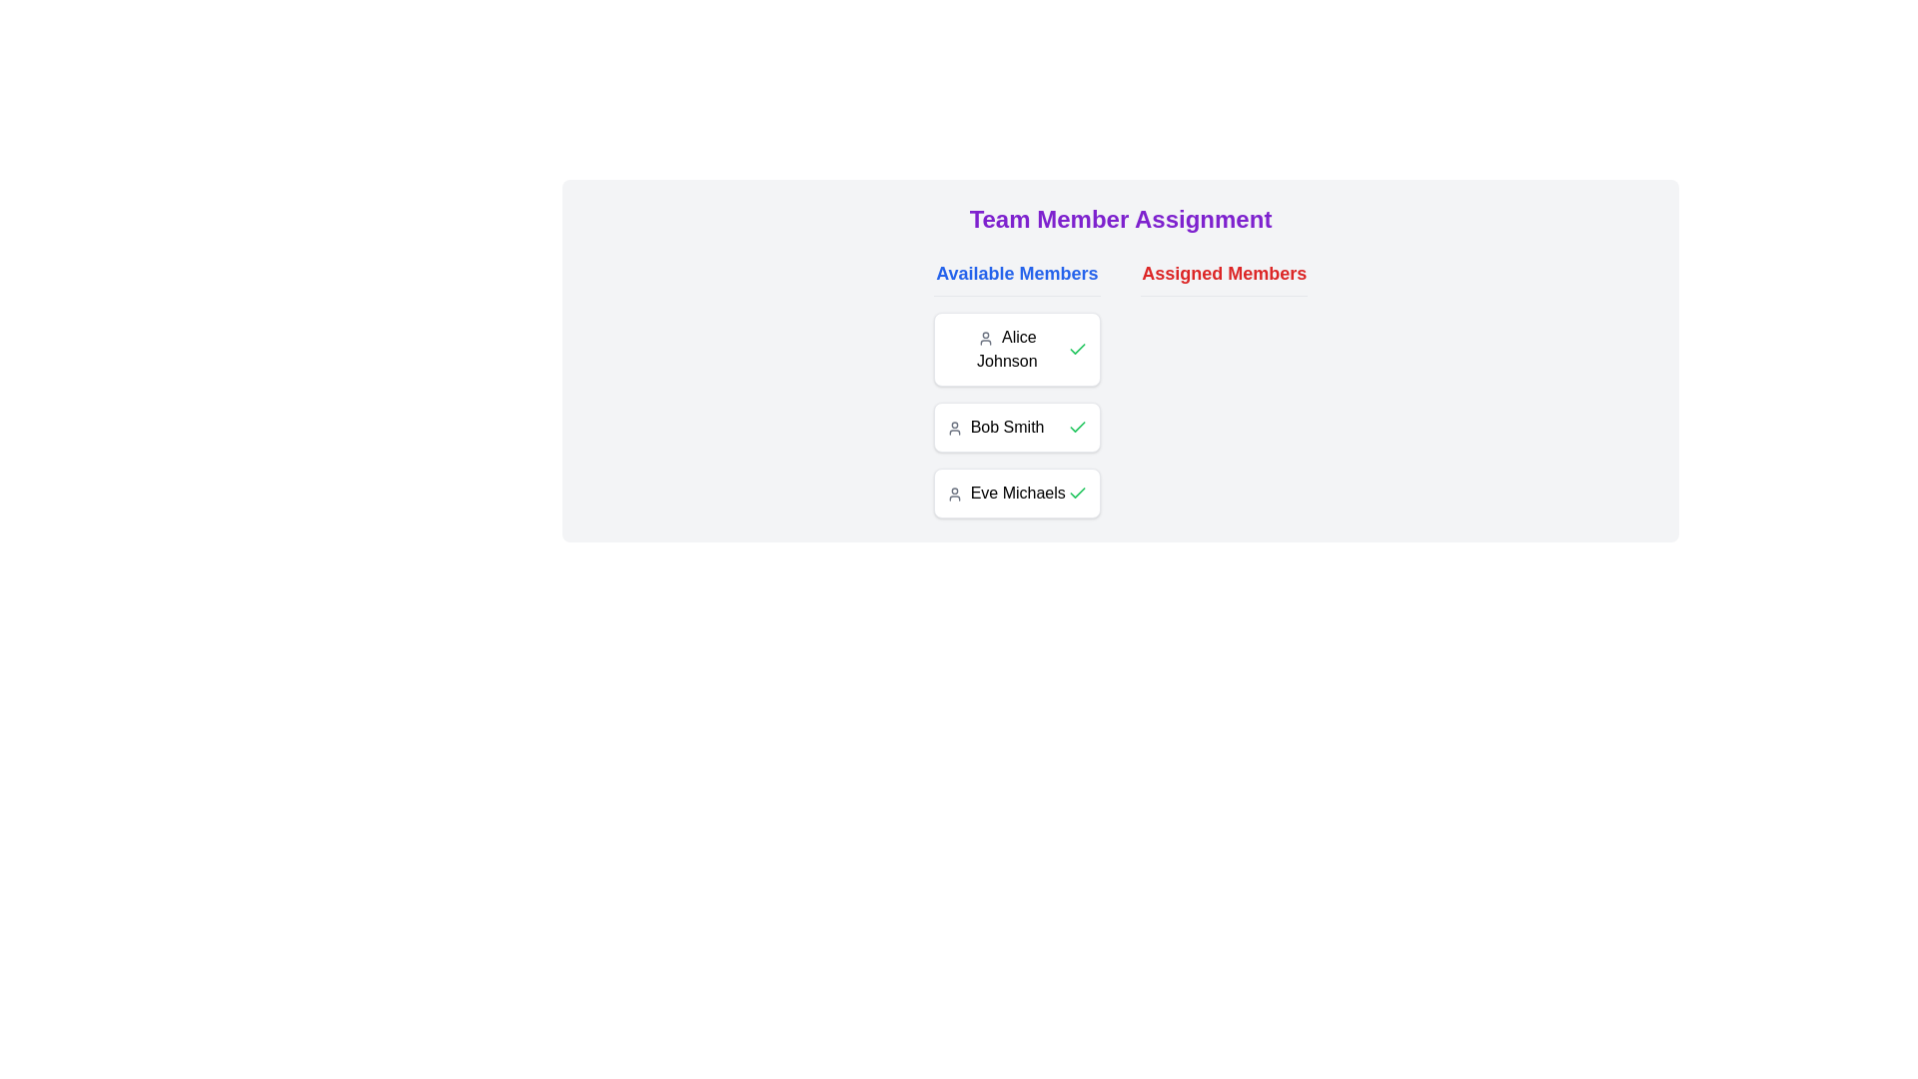  Describe the element at coordinates (1007, 348) in the screenshot. I see `the text label displaying the name 'Alice Johnson', which identifies the user in the 'Available Members' list` at that location.